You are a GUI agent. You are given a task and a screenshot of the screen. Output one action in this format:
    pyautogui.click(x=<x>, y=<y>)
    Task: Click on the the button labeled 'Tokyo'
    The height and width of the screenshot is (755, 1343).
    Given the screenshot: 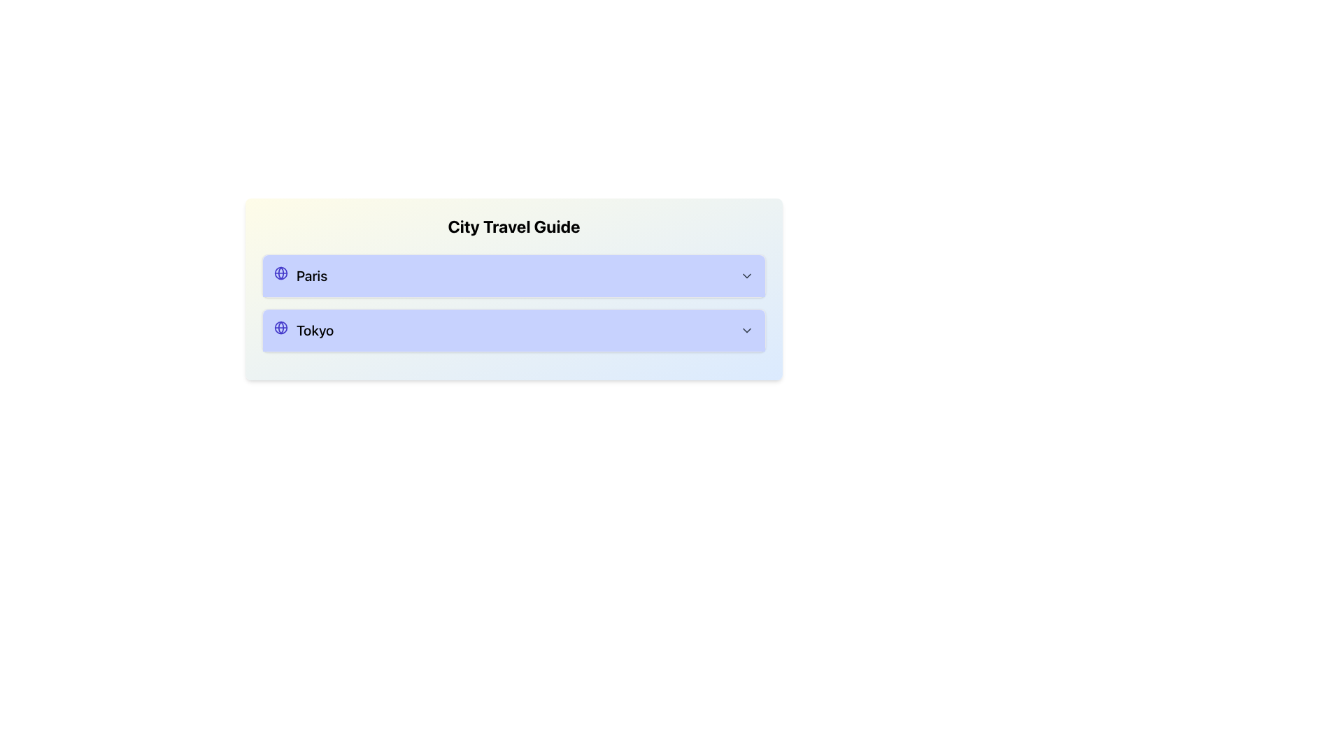 What is the action you would take?
    pyautogui.click(x=513, y=331)
    